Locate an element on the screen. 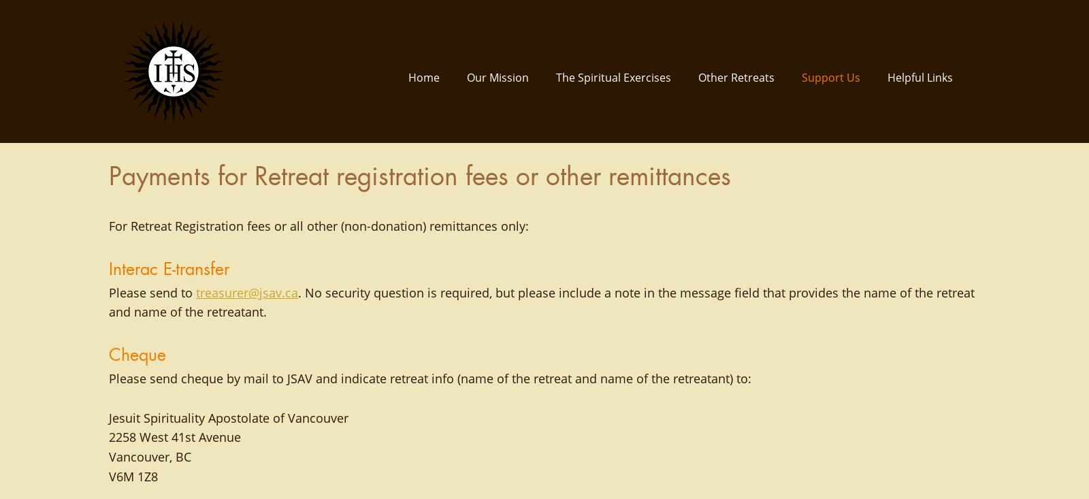 This screenshot has width=1089, height=499. 'treasurer@jsav.ca' is located at coordinates (247, 292).